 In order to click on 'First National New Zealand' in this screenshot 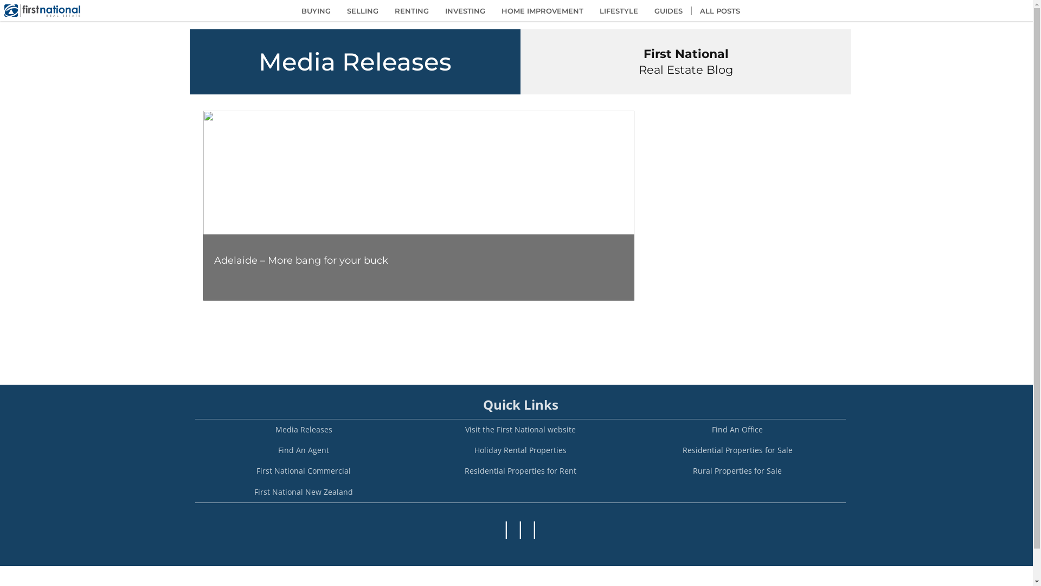, I will do `click(304, 492)`.